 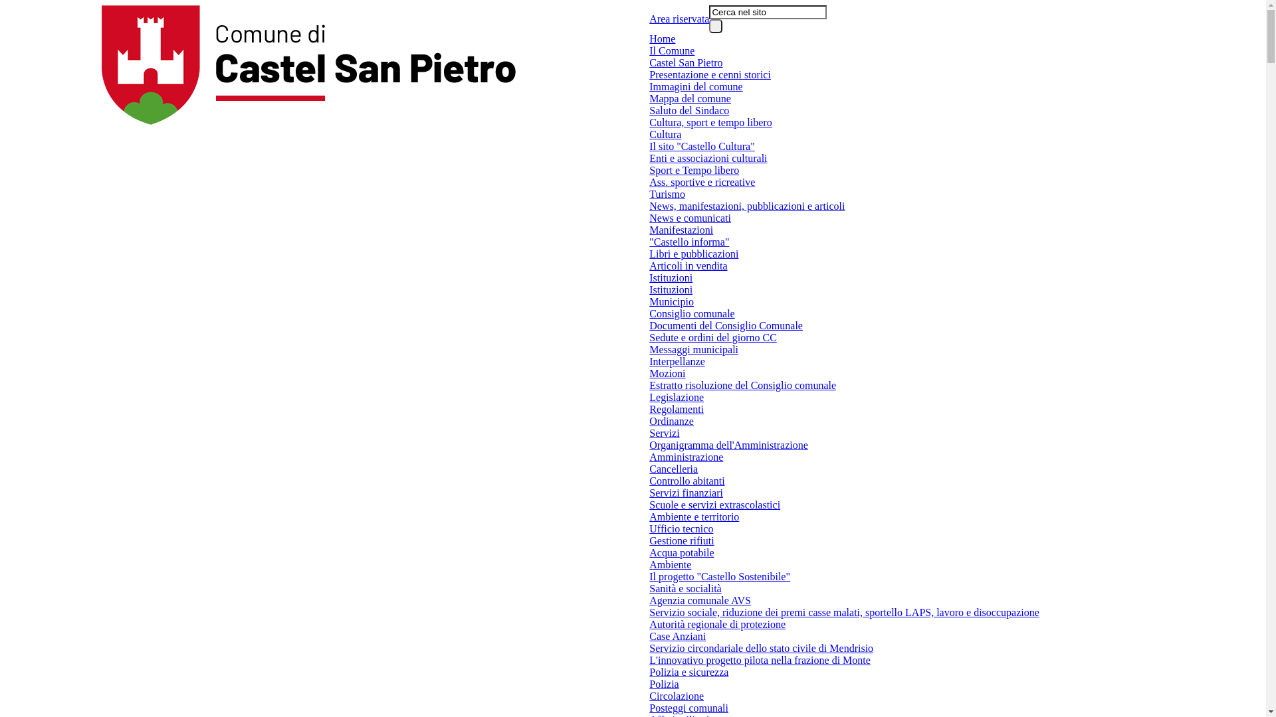 What do you see at coordinates (667, 374) in the screenshot?
I see `'Mozioni'` at bounding box center [667, 374].